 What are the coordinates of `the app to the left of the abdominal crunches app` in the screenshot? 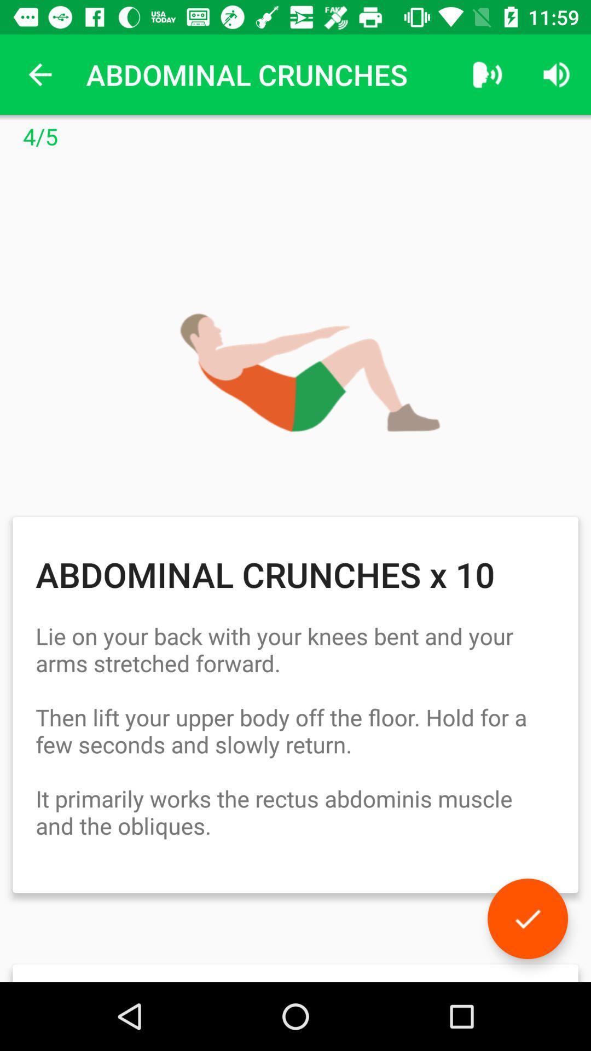 It's located at (39, 74).